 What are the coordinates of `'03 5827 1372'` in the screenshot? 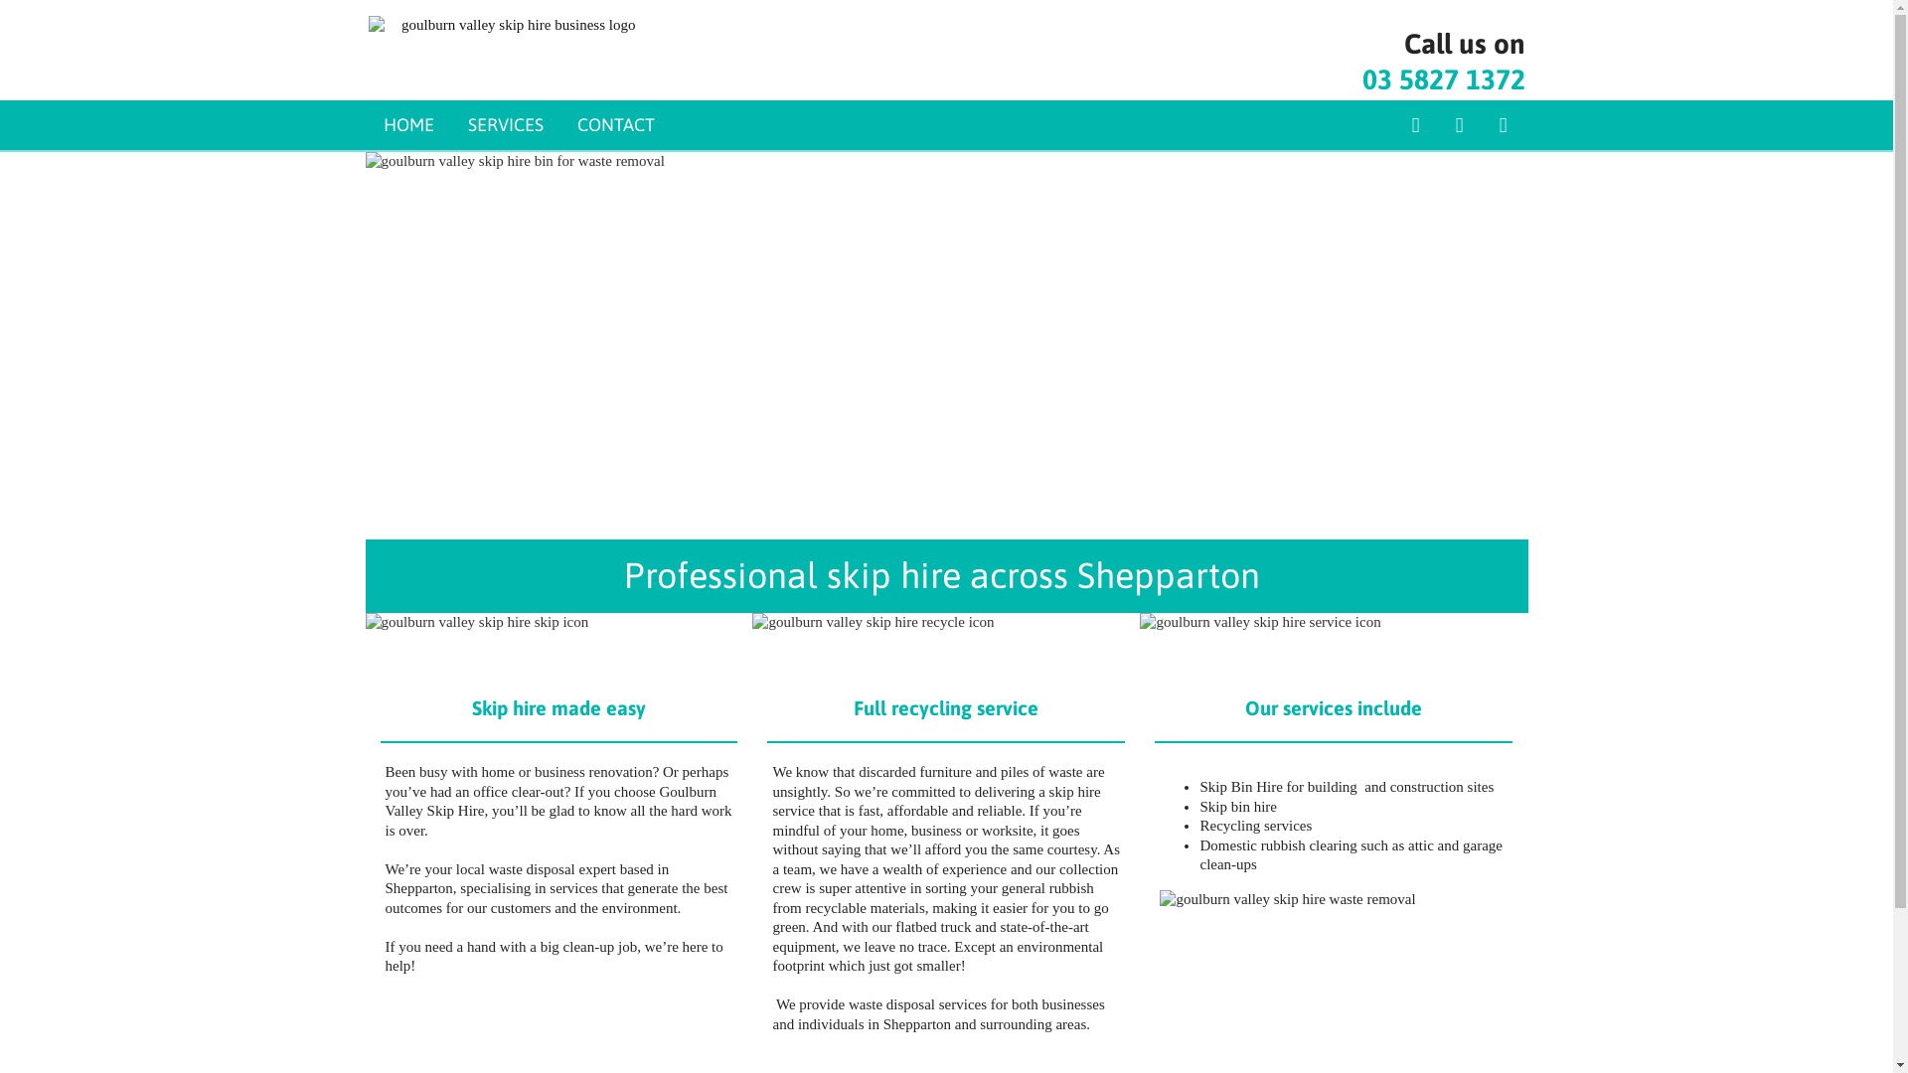 It's located at (1442, 78).